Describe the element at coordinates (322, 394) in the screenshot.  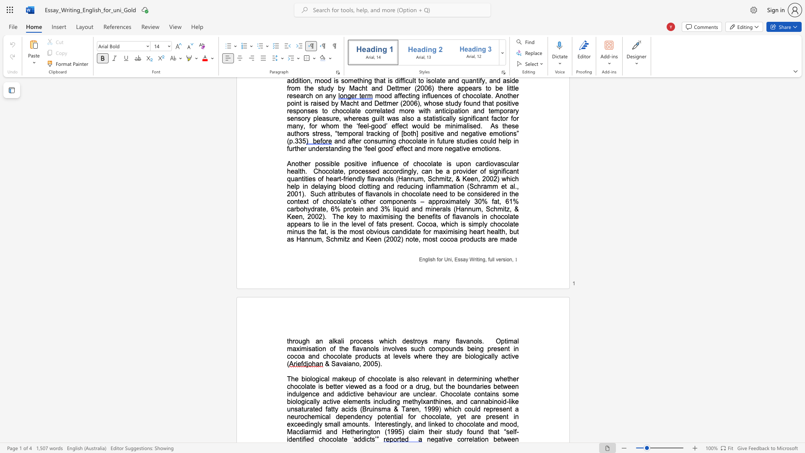
I see `the subset text "and addictive behav" within the text "whether chocolate is better viewed as a food or a drug, but the boundaries between indulgence and addictive behaviour are unclear. Chocolate"` at that location.